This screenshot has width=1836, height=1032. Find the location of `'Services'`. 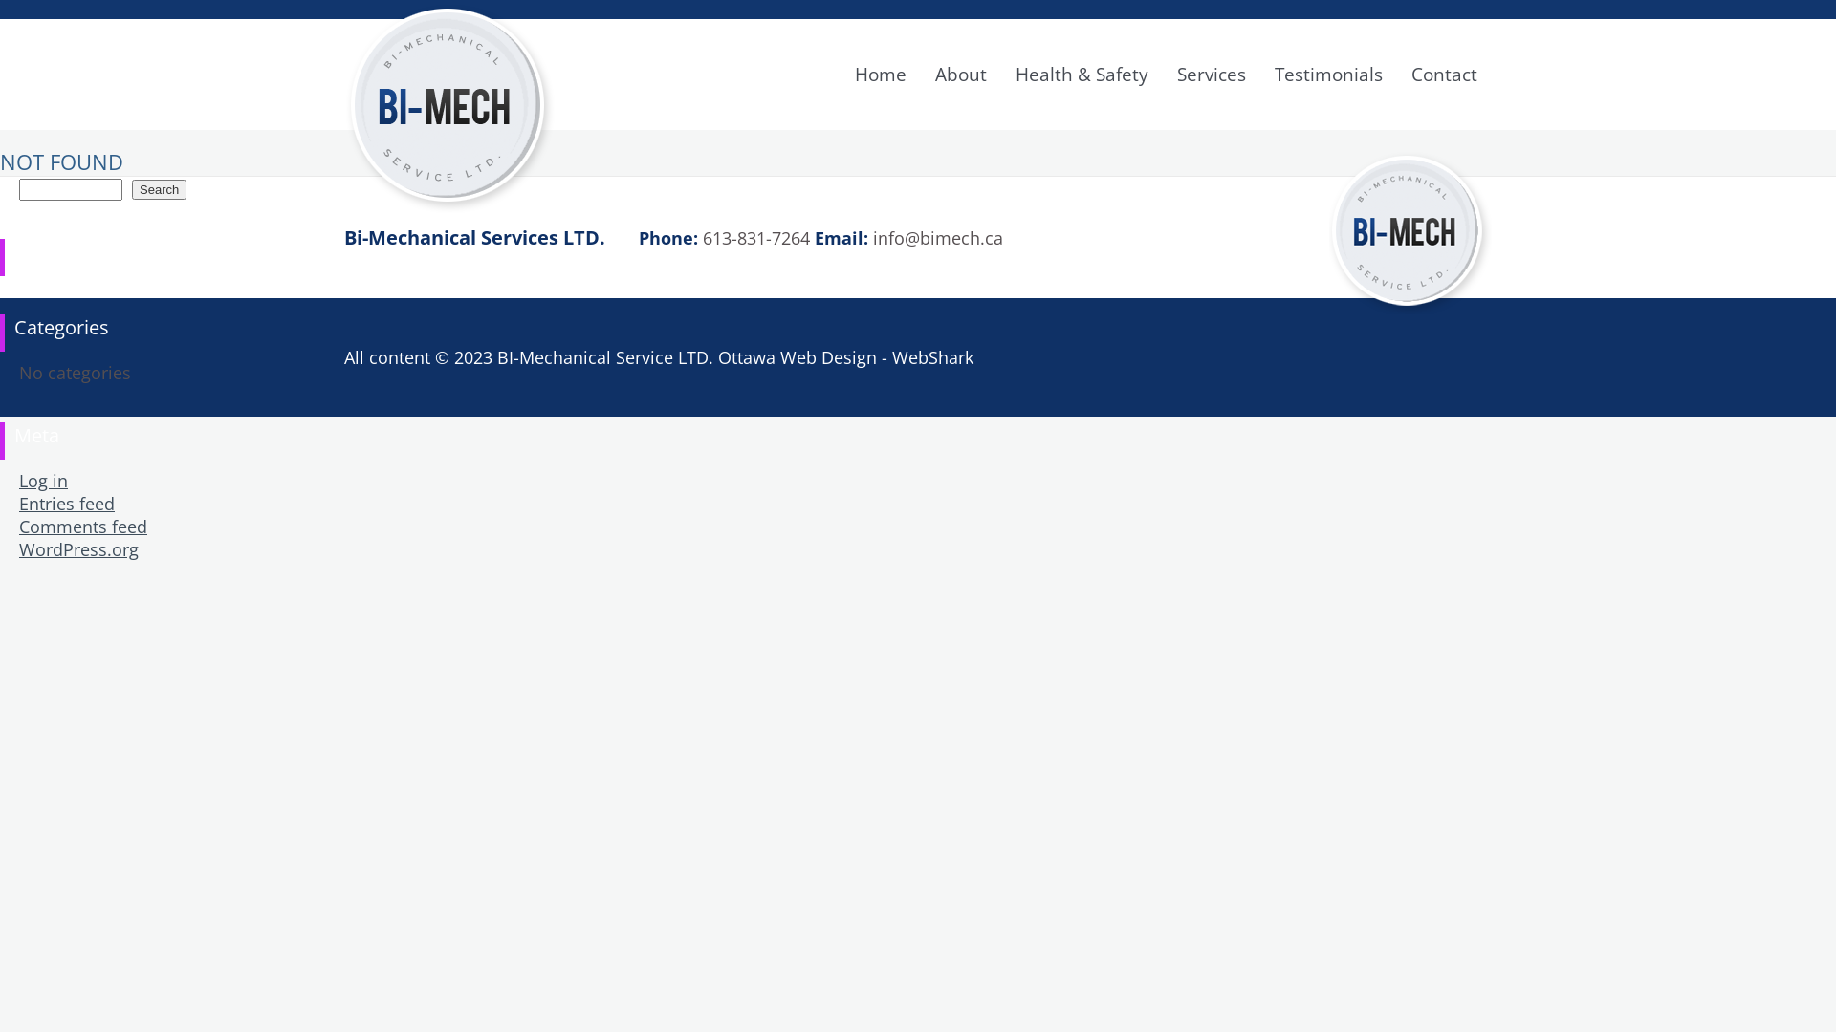

'Services' is located at coordinates (1211, 73).